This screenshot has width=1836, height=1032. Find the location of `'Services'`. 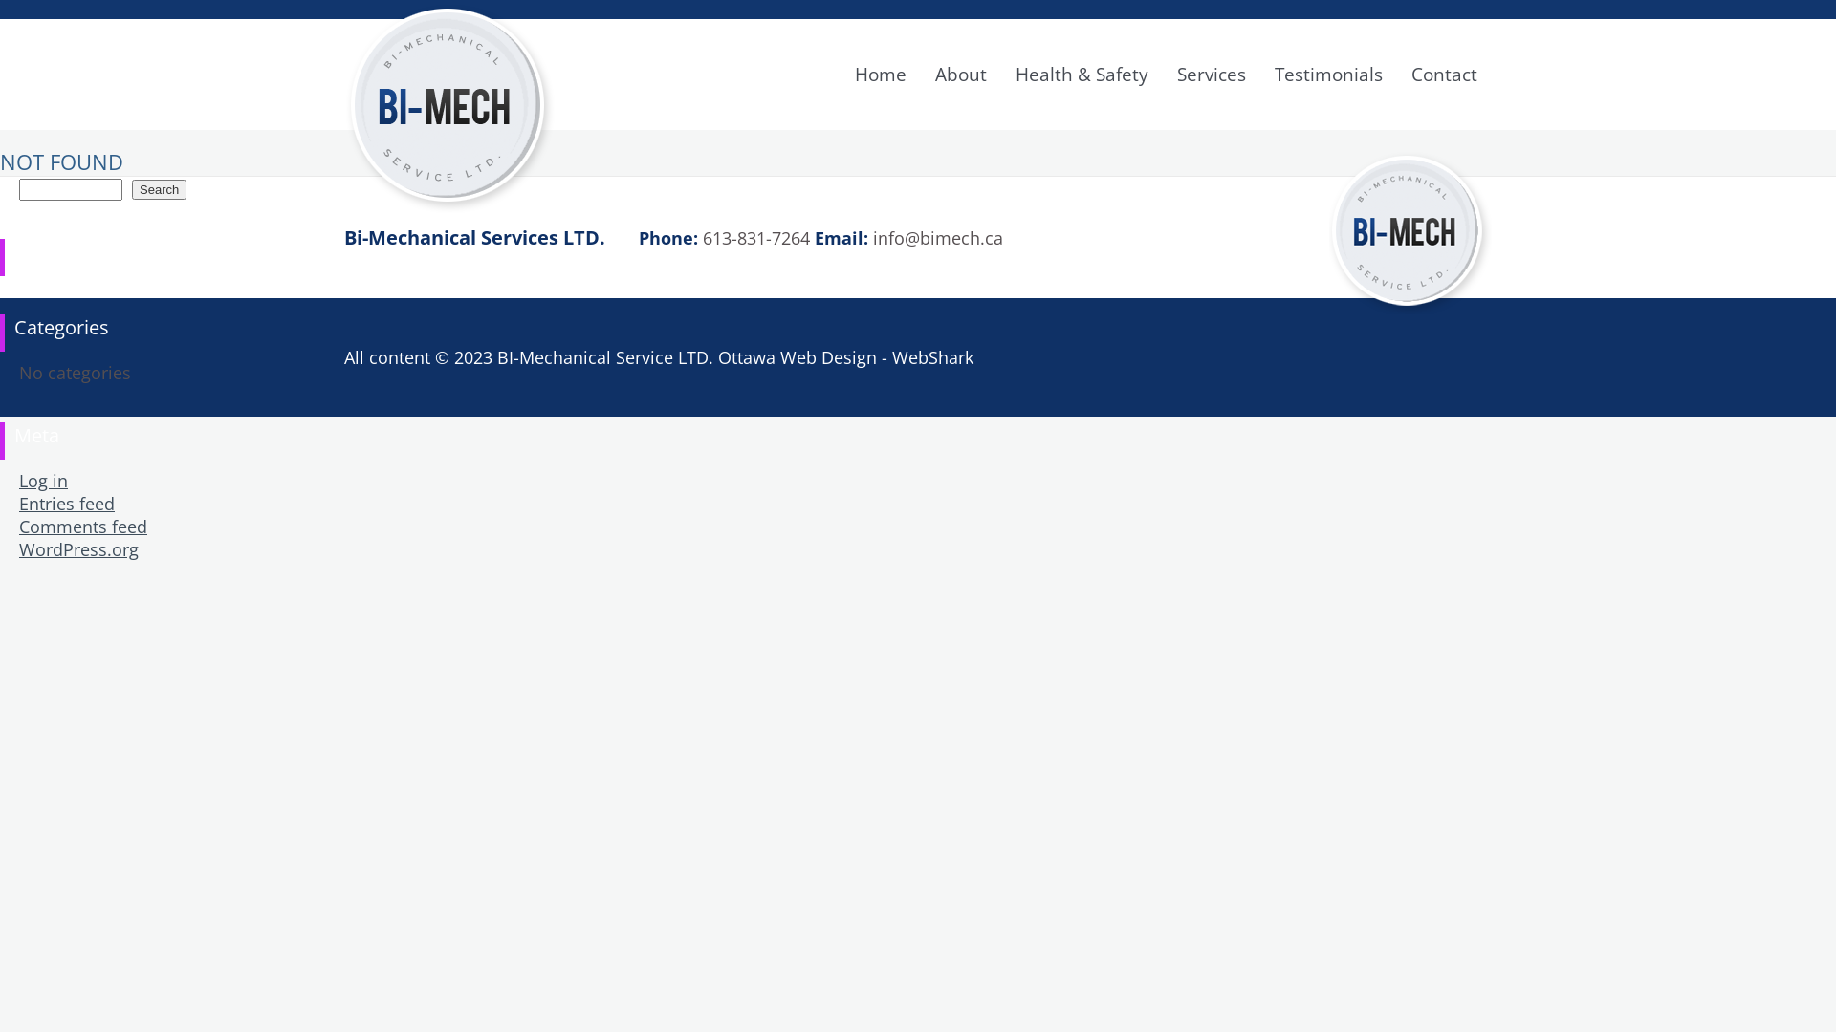

'Services' is located at coordinates (1211, 73).